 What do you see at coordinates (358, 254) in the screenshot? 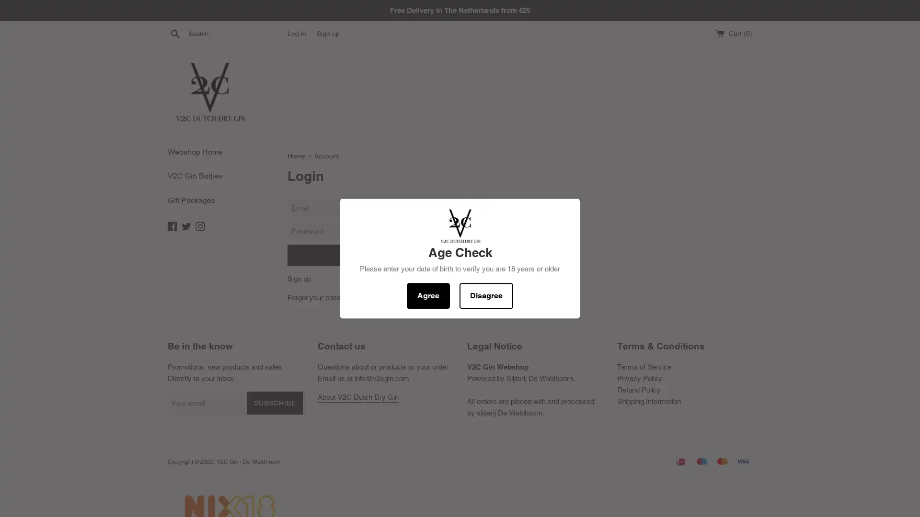
I see `Sign In` at bounding box center [358, 254].